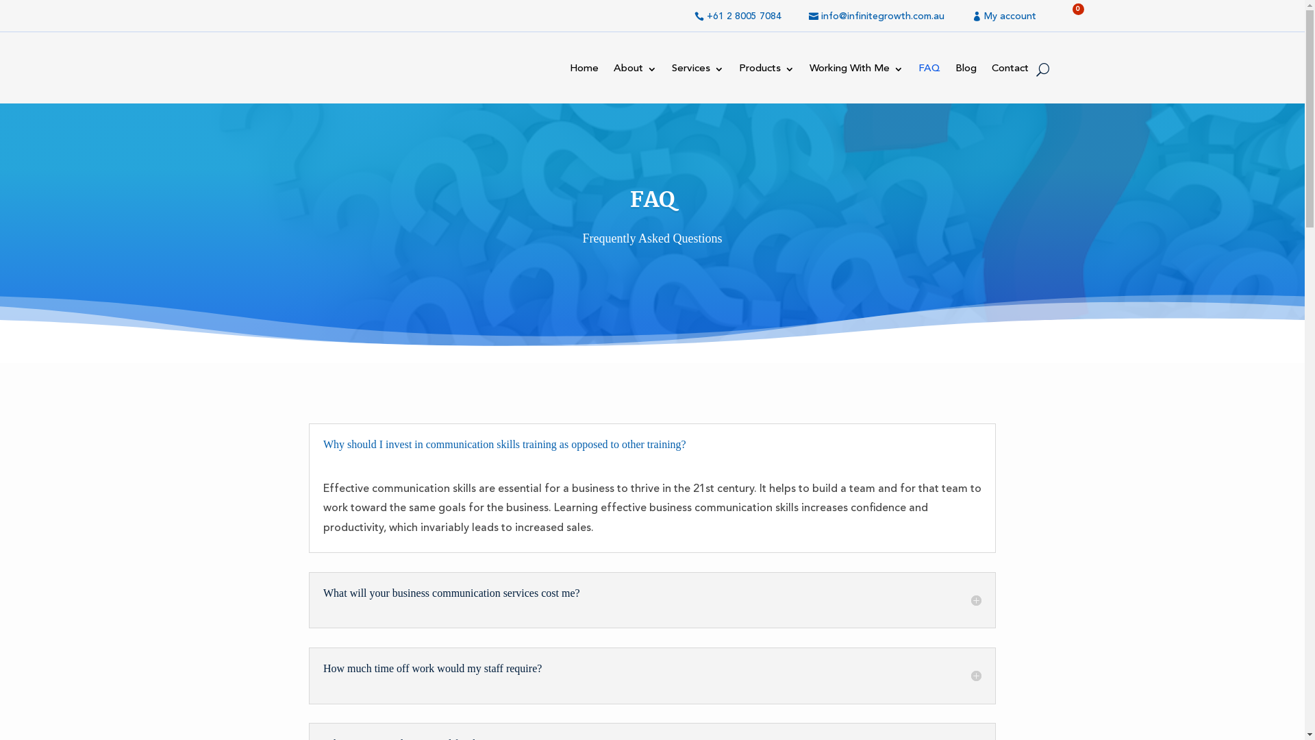 This screenshot has height=740, width=1315. What do you see at coordinates (1010, 71) in the screenshot?
I see `'Contact'` at bounding box center [1010, 71].